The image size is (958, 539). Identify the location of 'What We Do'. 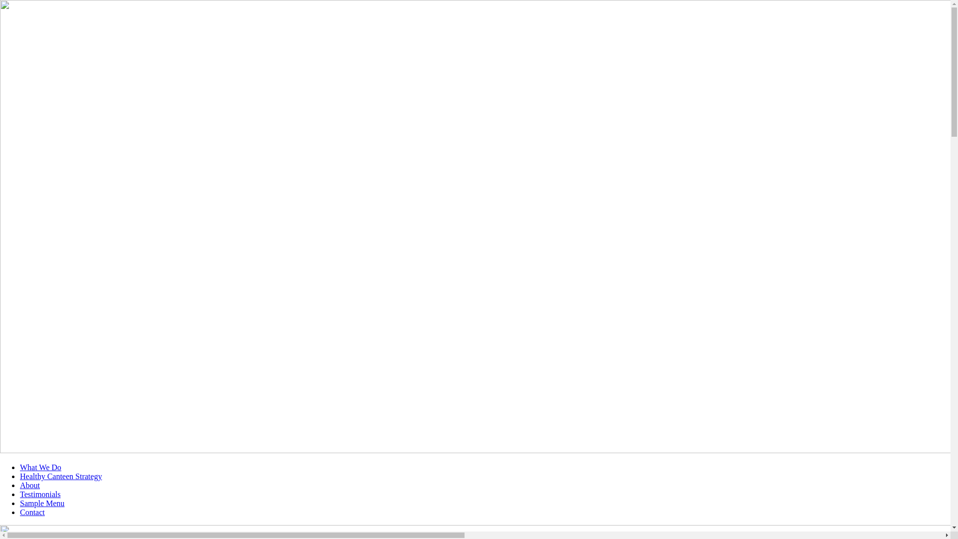
(40, 467).